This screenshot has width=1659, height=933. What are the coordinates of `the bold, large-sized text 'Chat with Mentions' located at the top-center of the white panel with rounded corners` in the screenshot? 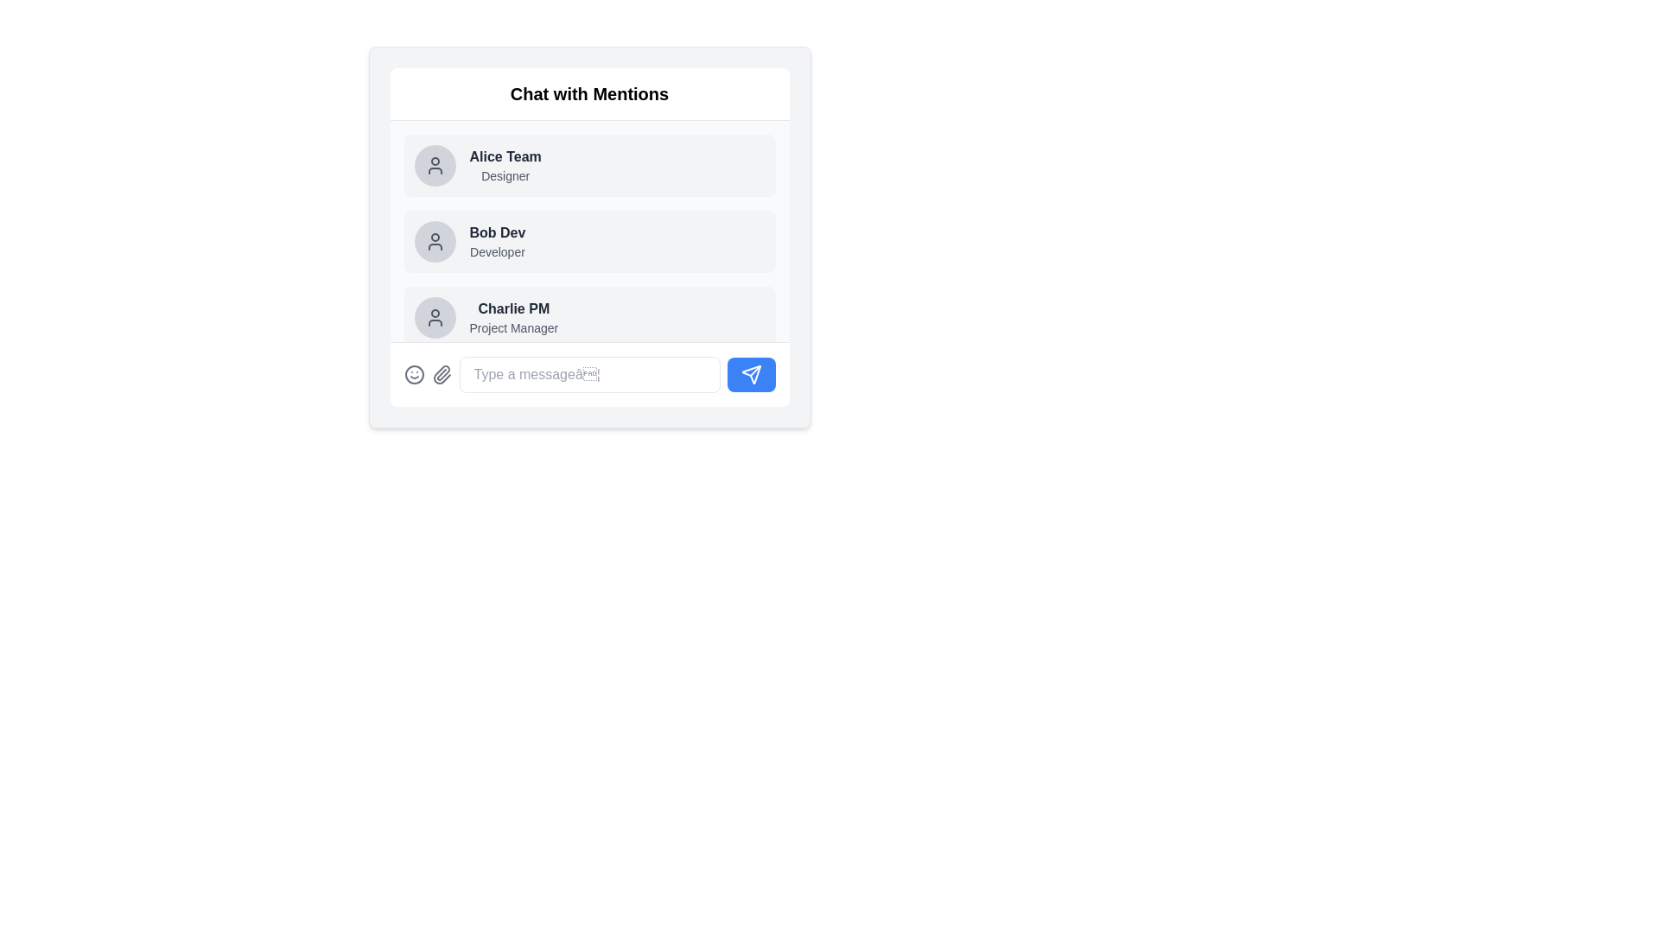 It's located at (589, 93).